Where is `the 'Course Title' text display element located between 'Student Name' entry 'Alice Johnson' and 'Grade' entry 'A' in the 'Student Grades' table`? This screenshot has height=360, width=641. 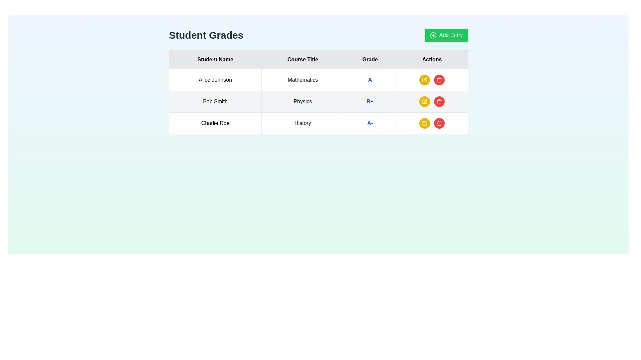
the 'Course Title' text display element located between 'Student Name' entry 'Alice Johnson' and 'Grade' entry 'A' in the 'Student Grades' table is located at coordinates (302, 79).